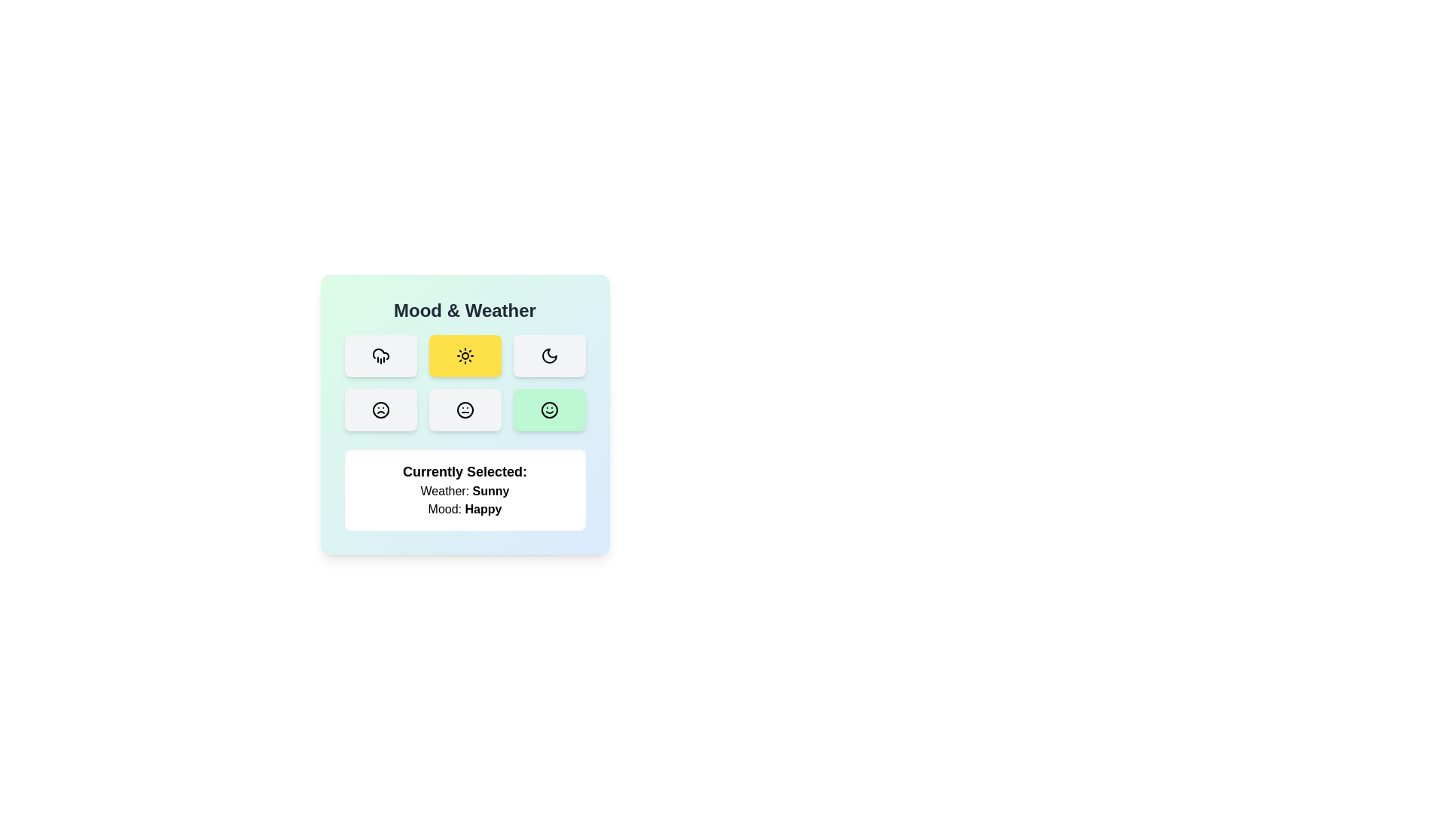 This screenshot has width=1446, height=813. I want to click on the Composite UI component with a gradient background and rounded corners that contains the title 'Mood & Weather' and a grid of selectable icons, so click(464, 415).